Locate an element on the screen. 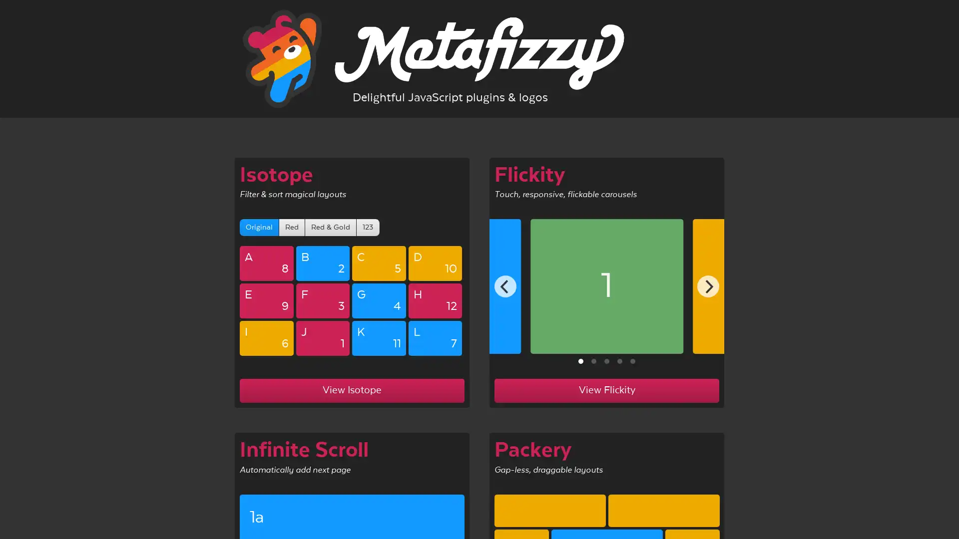  Original is located at coordinates (259, 227).